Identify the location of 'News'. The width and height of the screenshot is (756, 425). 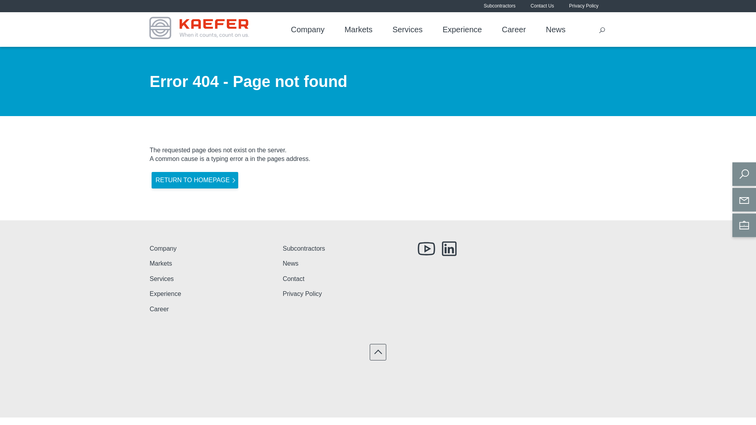
(545, 30).